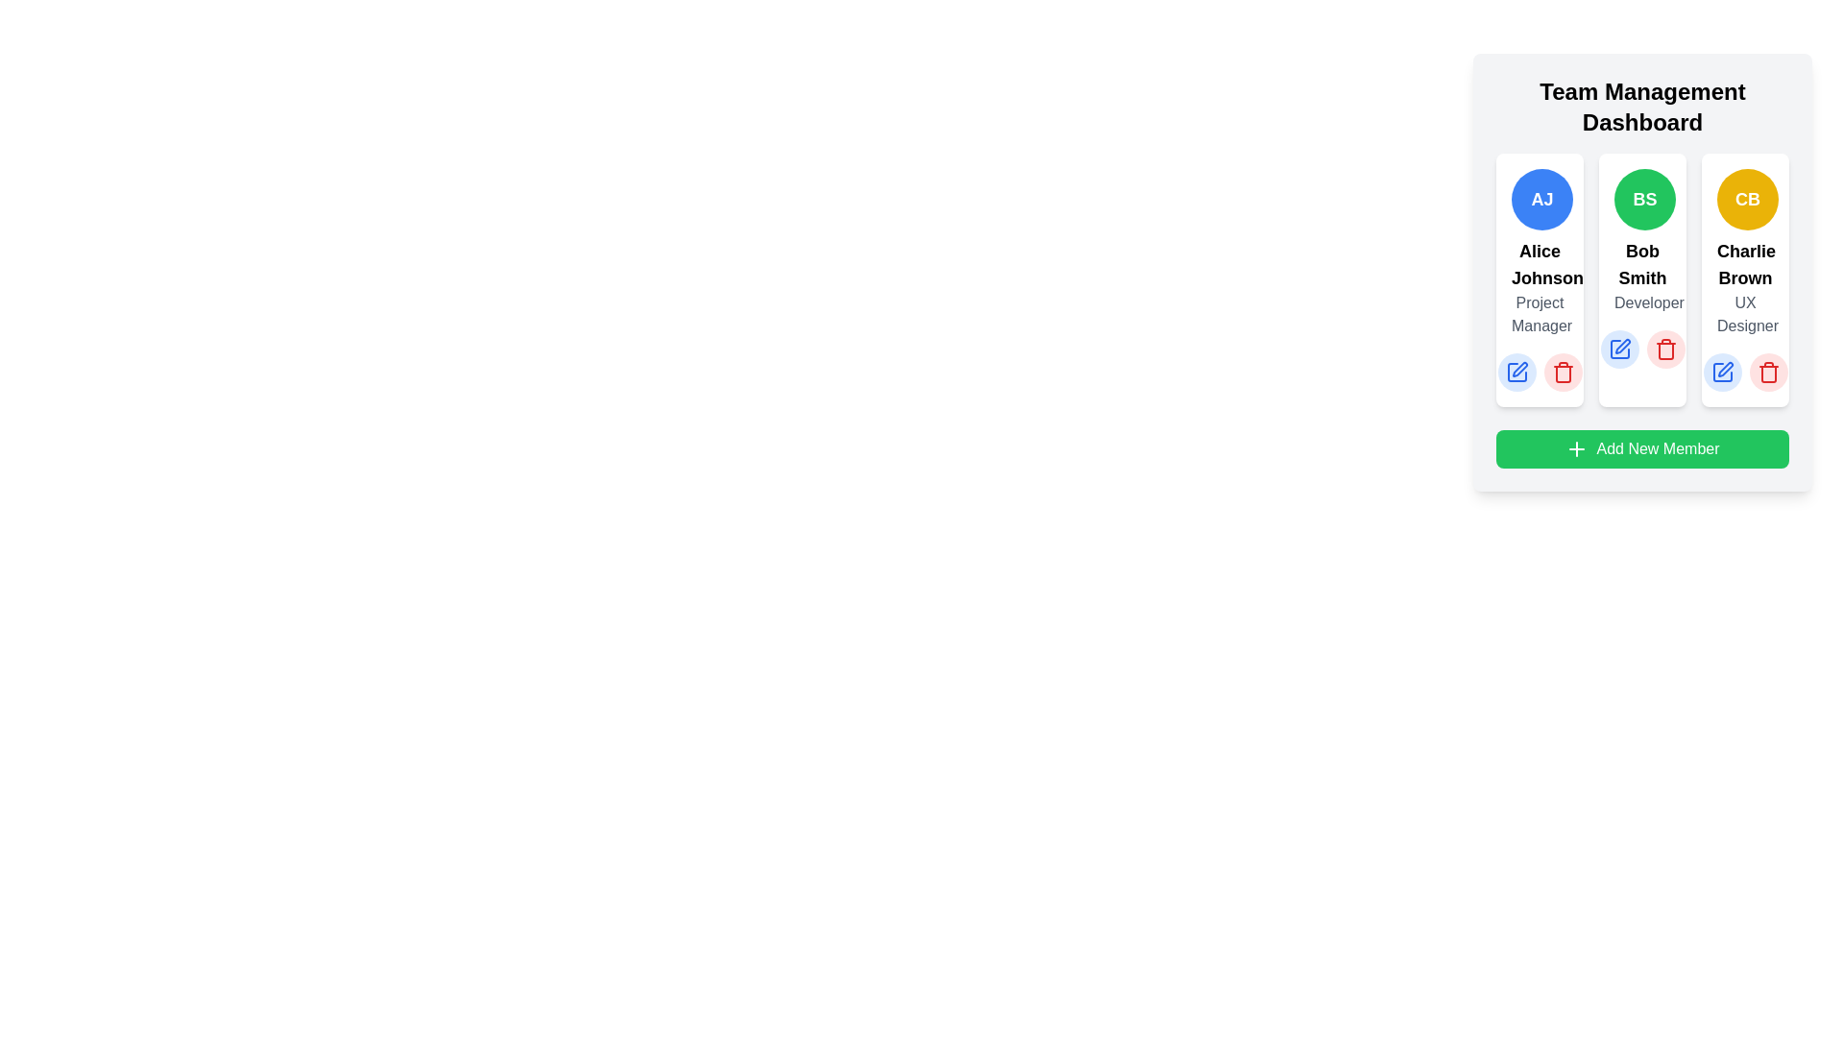 The width and height of the screenshot is (1844, 1037). Describe the element at coordinates (1767, 373) in the screenshot. I see `the delete button associated with 'Charlie Brown, UX Designer' to observe the hover effects` at that location.